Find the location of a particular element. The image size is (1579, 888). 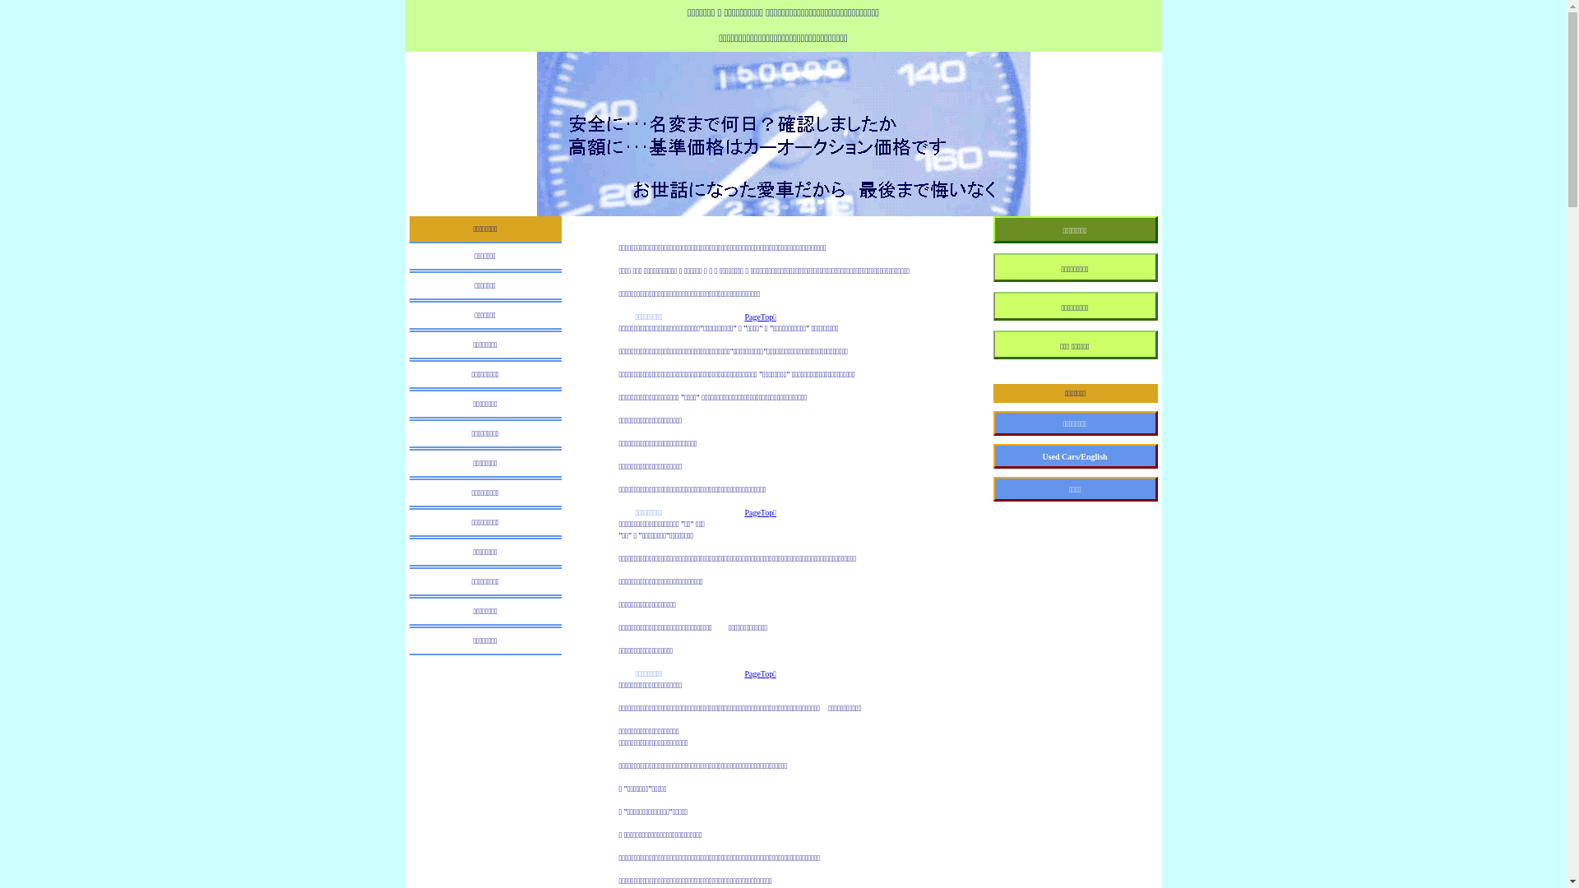

'Used Cars/English' is located at coordinates (993, 456).